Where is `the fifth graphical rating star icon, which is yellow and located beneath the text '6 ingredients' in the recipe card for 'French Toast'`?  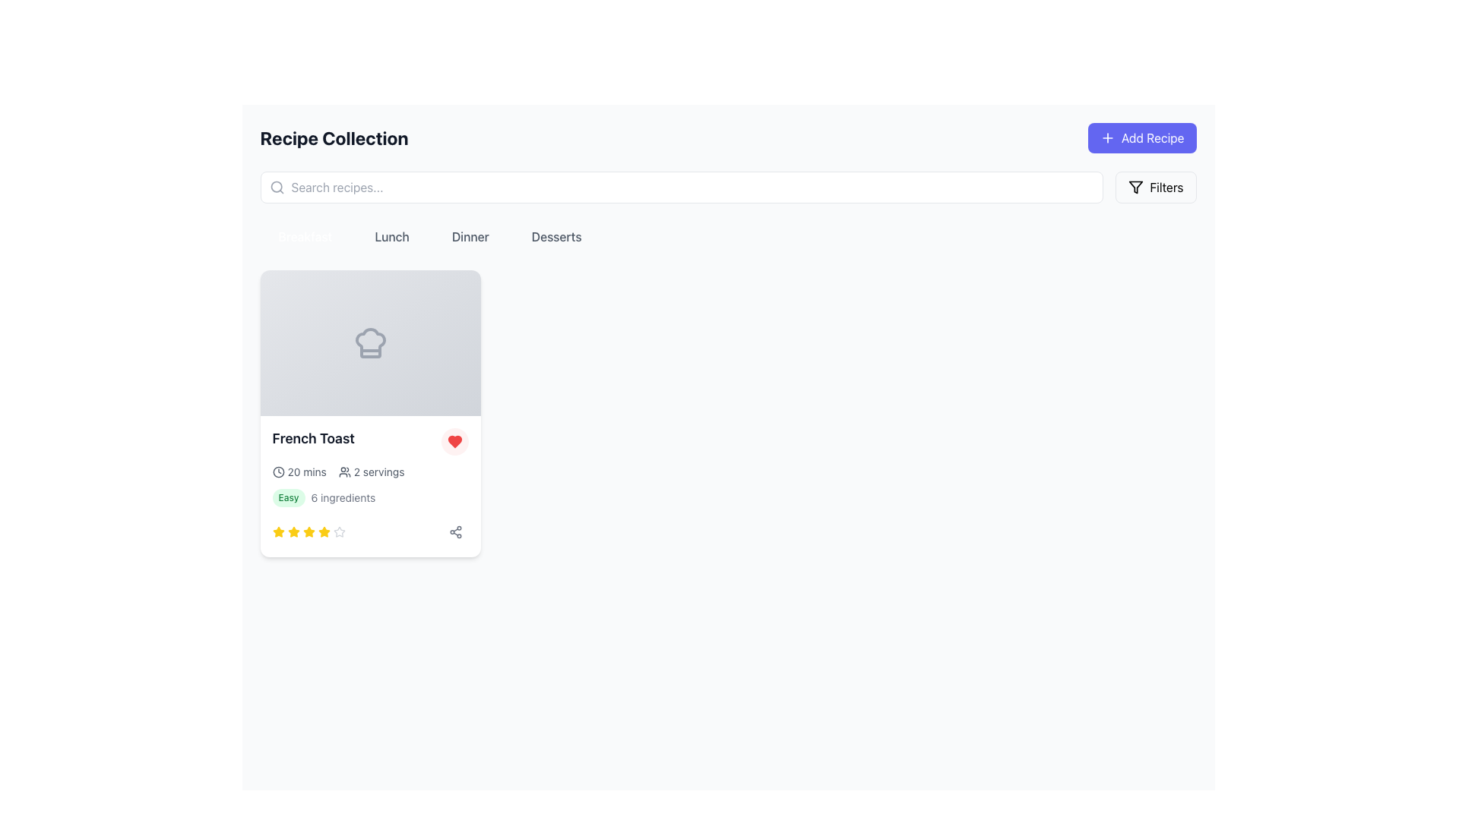 the fifth graphical rating star icon, which is yellow and located beneath the text '6 ingredients' in the recipe card for 'French Toast' is located at coordinates (278, 531).